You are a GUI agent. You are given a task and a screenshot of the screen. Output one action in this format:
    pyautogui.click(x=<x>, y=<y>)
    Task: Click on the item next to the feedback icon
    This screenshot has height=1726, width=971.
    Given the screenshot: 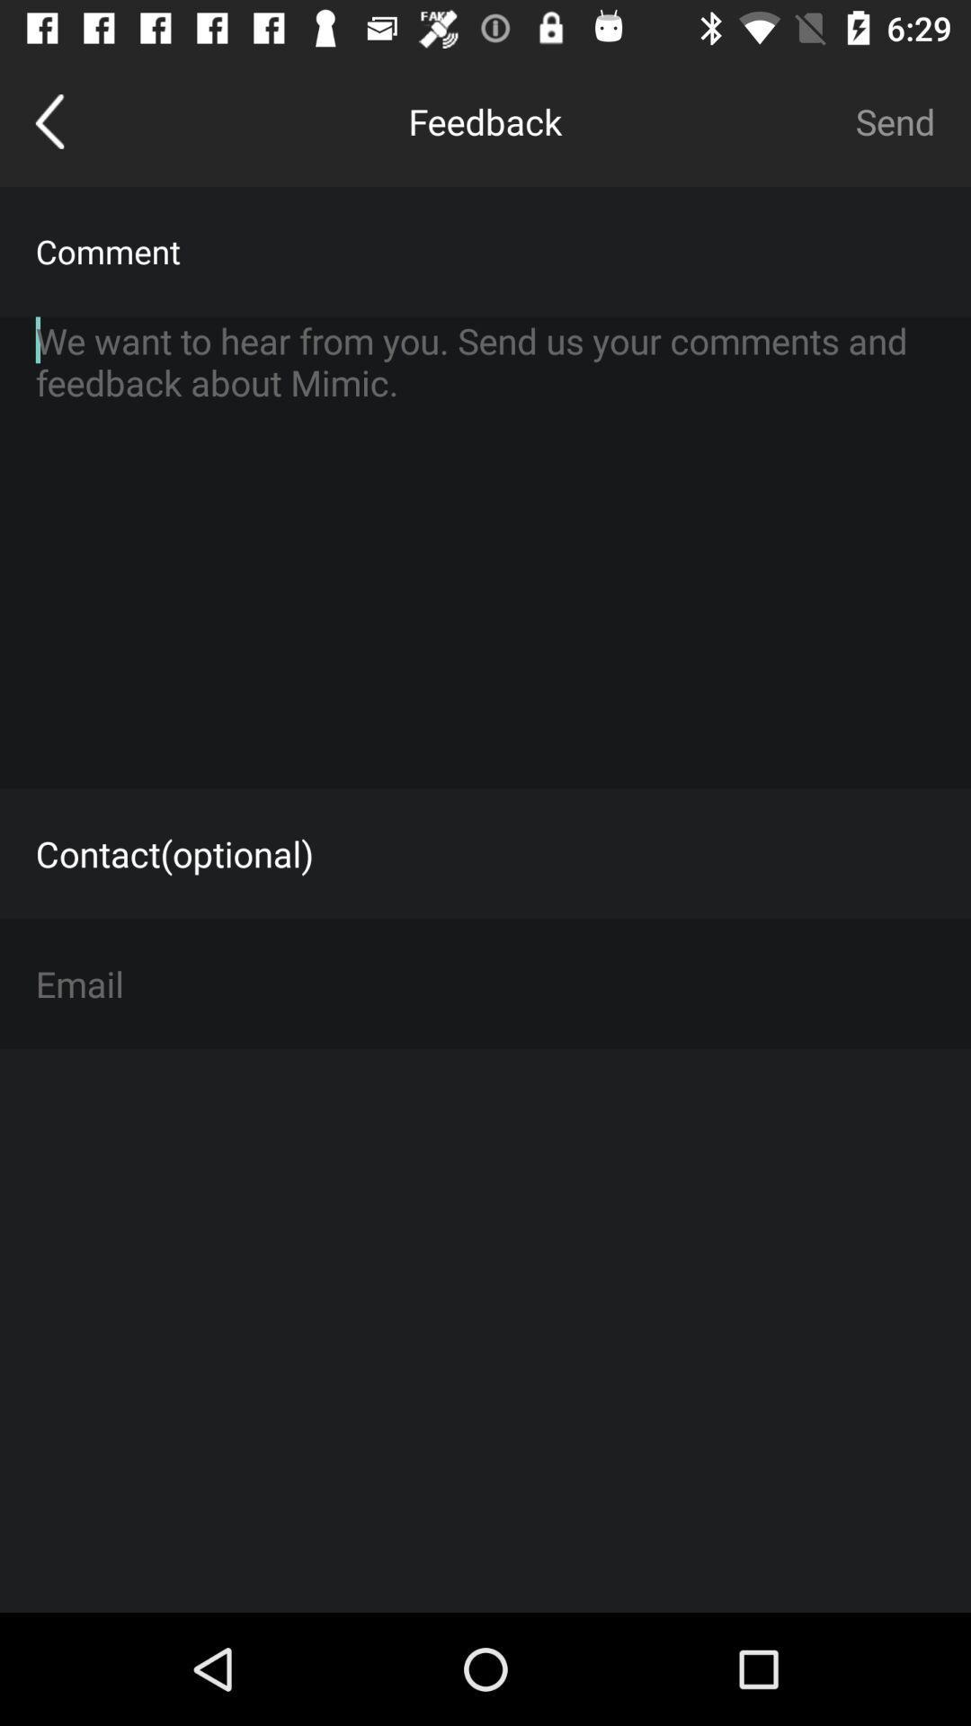 What is the action you would take?
    pyautogui.click(x=895, y=120)
    